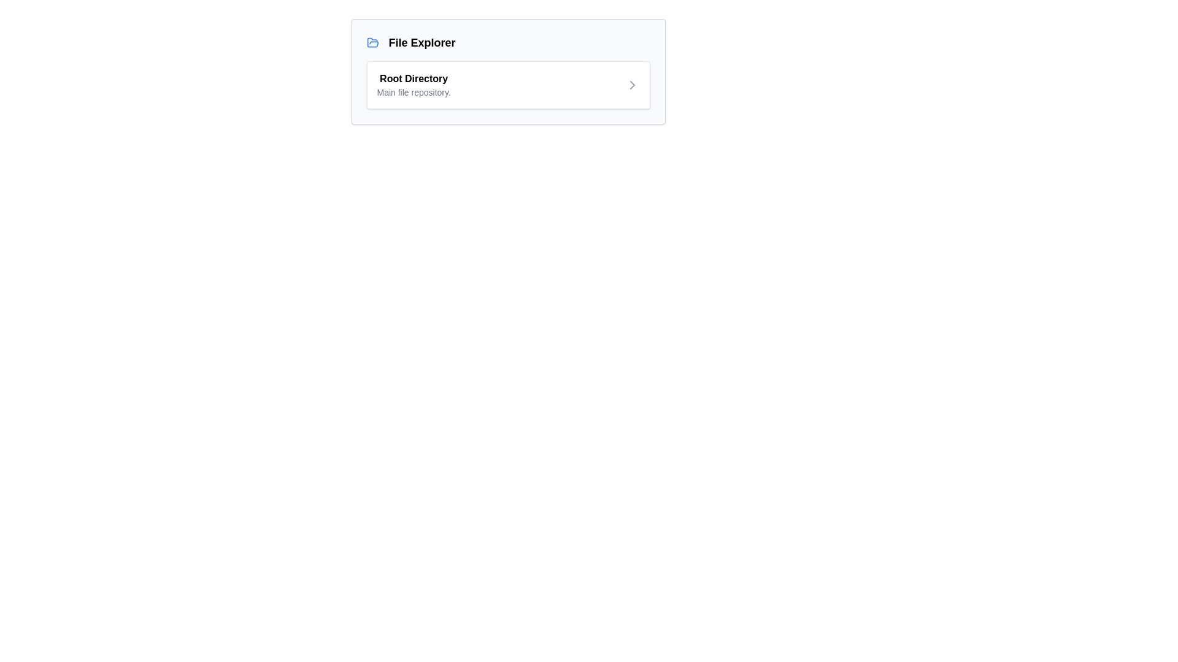 The height and width of the screenshot is (662, 1178). Describe the element at coordinates (372, 42) in the screenshot. I see `the folder icon that represents the 'File Explorer' section, located in the top-left corner next to the title text` at that location.